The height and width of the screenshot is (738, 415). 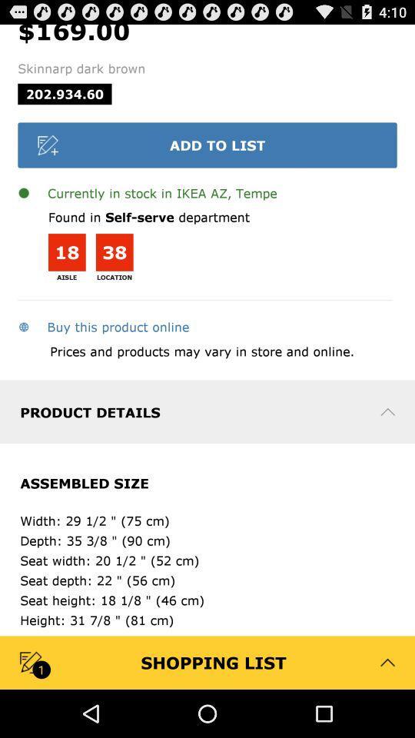 I want to click on text add to list, so click(x=207, y=145).